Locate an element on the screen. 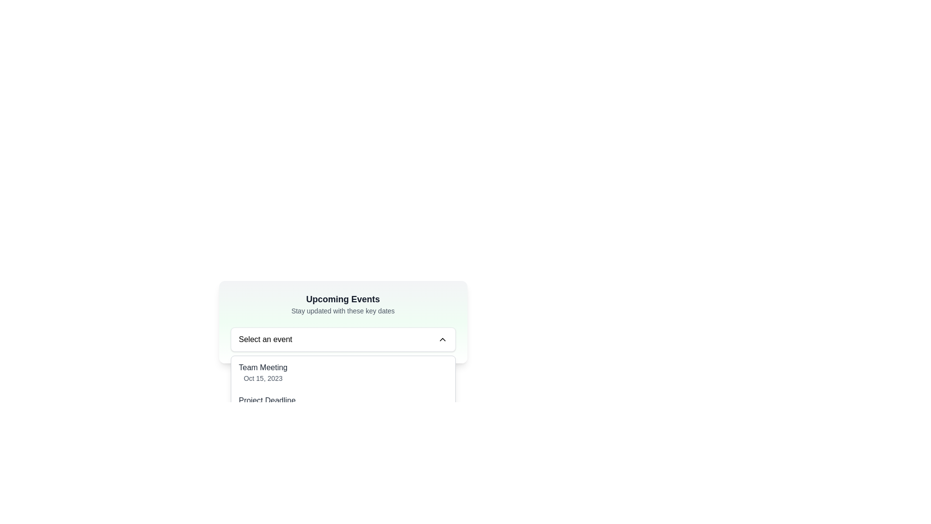 Image resolution: width=931 pixels, height=524 pixels. the Text label that prompts the user to select an event from the dropdown menu, located to the left of the arrow icon is located at coordinates (265, 339).